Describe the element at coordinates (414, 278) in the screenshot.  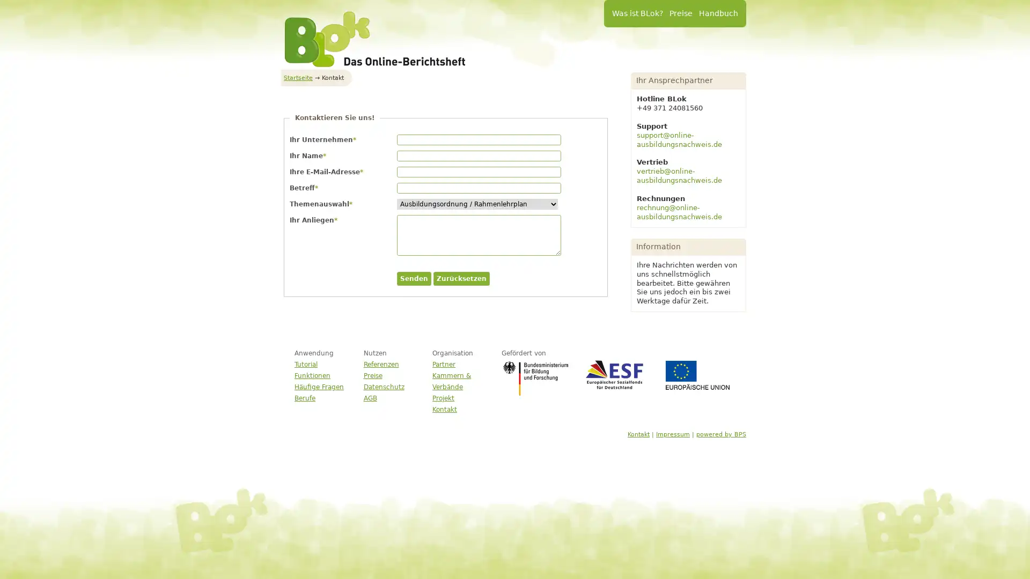
I see `Senden` at that location.